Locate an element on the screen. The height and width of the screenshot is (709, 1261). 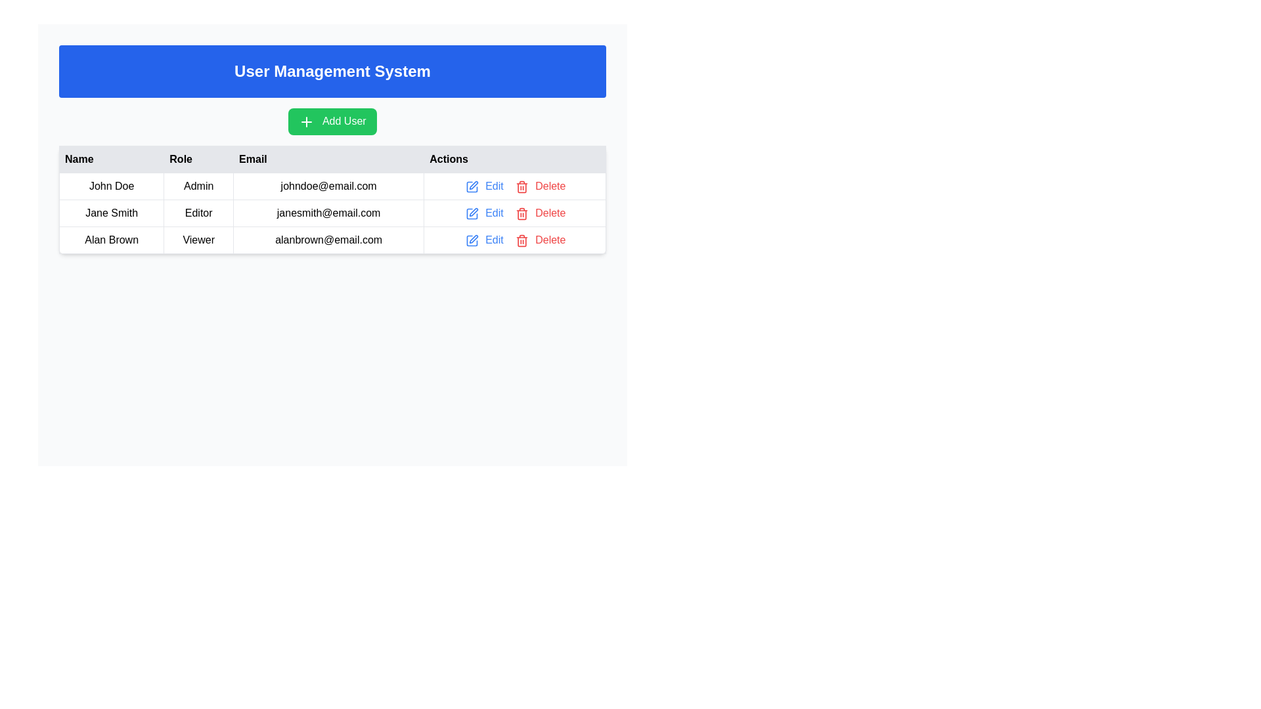
the email address display of user 'Alan Brown' in the third row of the user management table under the 'Email' column is located at coordinates (328, 240).